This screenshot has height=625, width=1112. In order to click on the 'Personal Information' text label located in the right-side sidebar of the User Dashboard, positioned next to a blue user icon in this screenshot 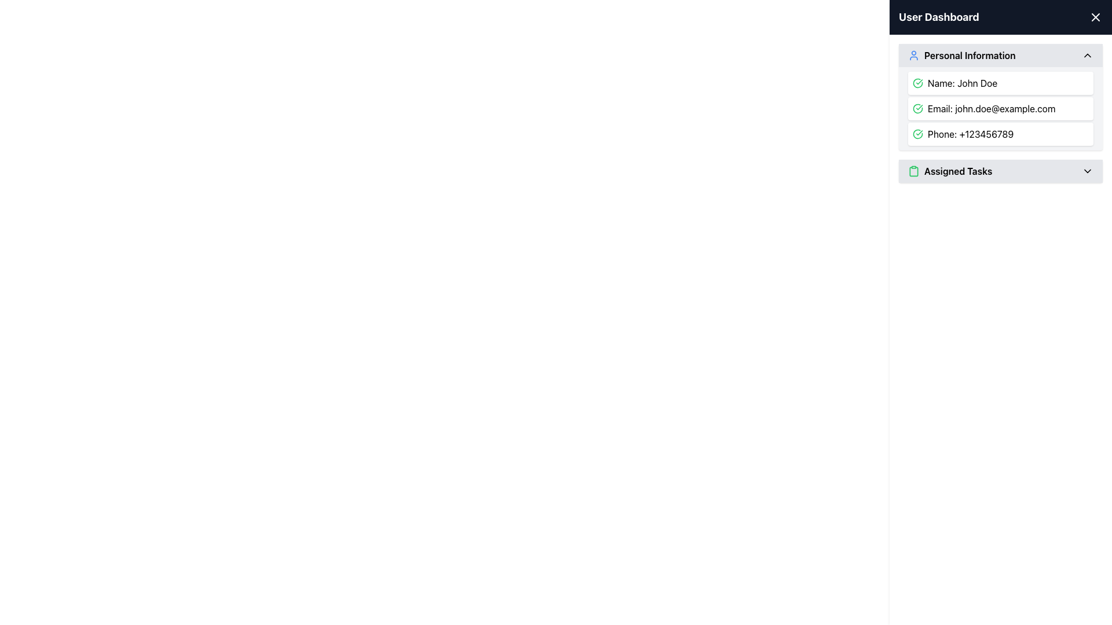, I will do `click(970, 56)`.